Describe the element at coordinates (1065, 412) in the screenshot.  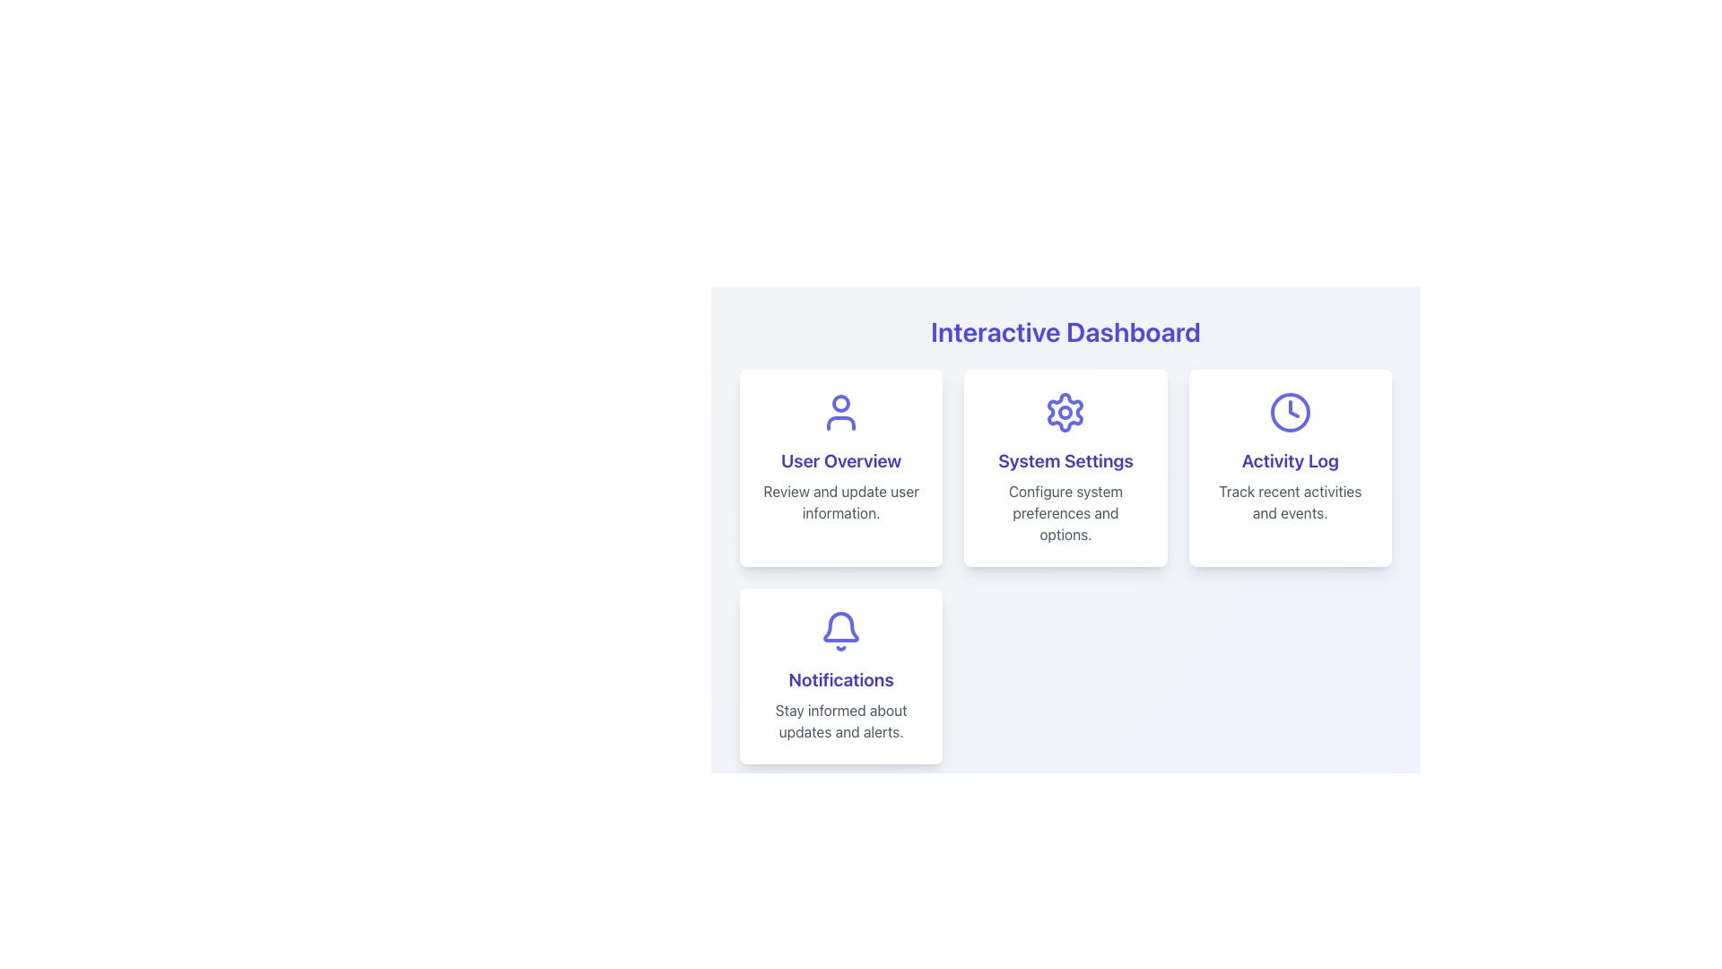
I see `the 'System Settings' icon located in the center of the 'System Settings' card, positioned in the top-right quadrant of the dashboard layout` at that location.